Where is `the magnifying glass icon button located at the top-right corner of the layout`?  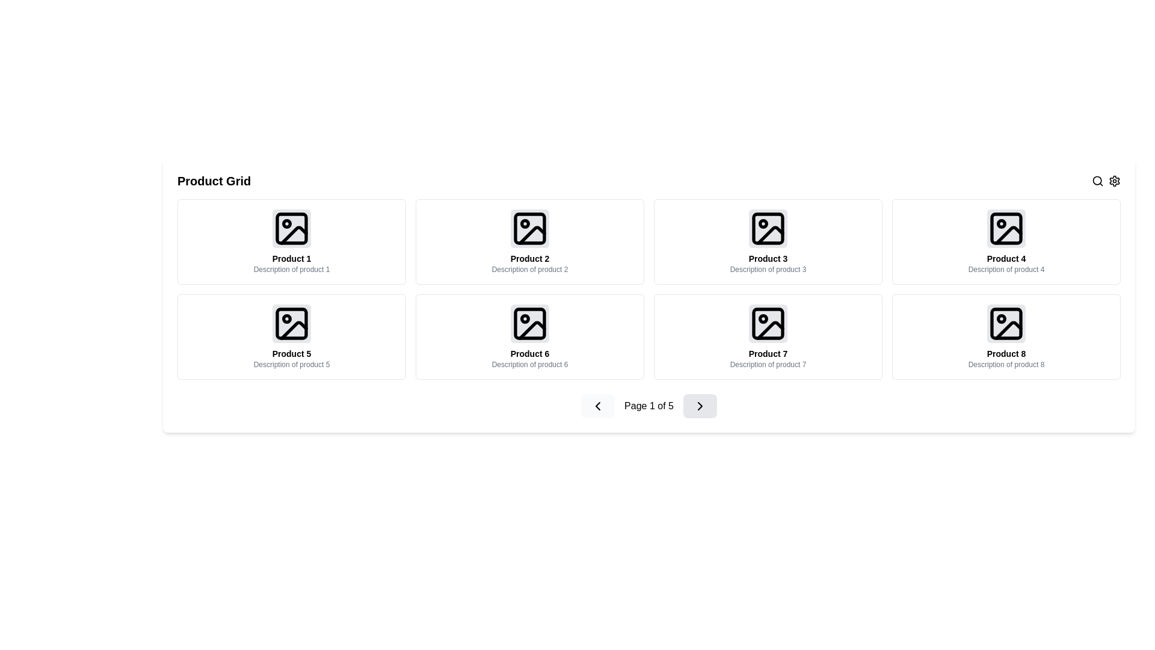
the magnifying glass icon button located at the top-right corner of the layout is located at coordinates (1097, 181).